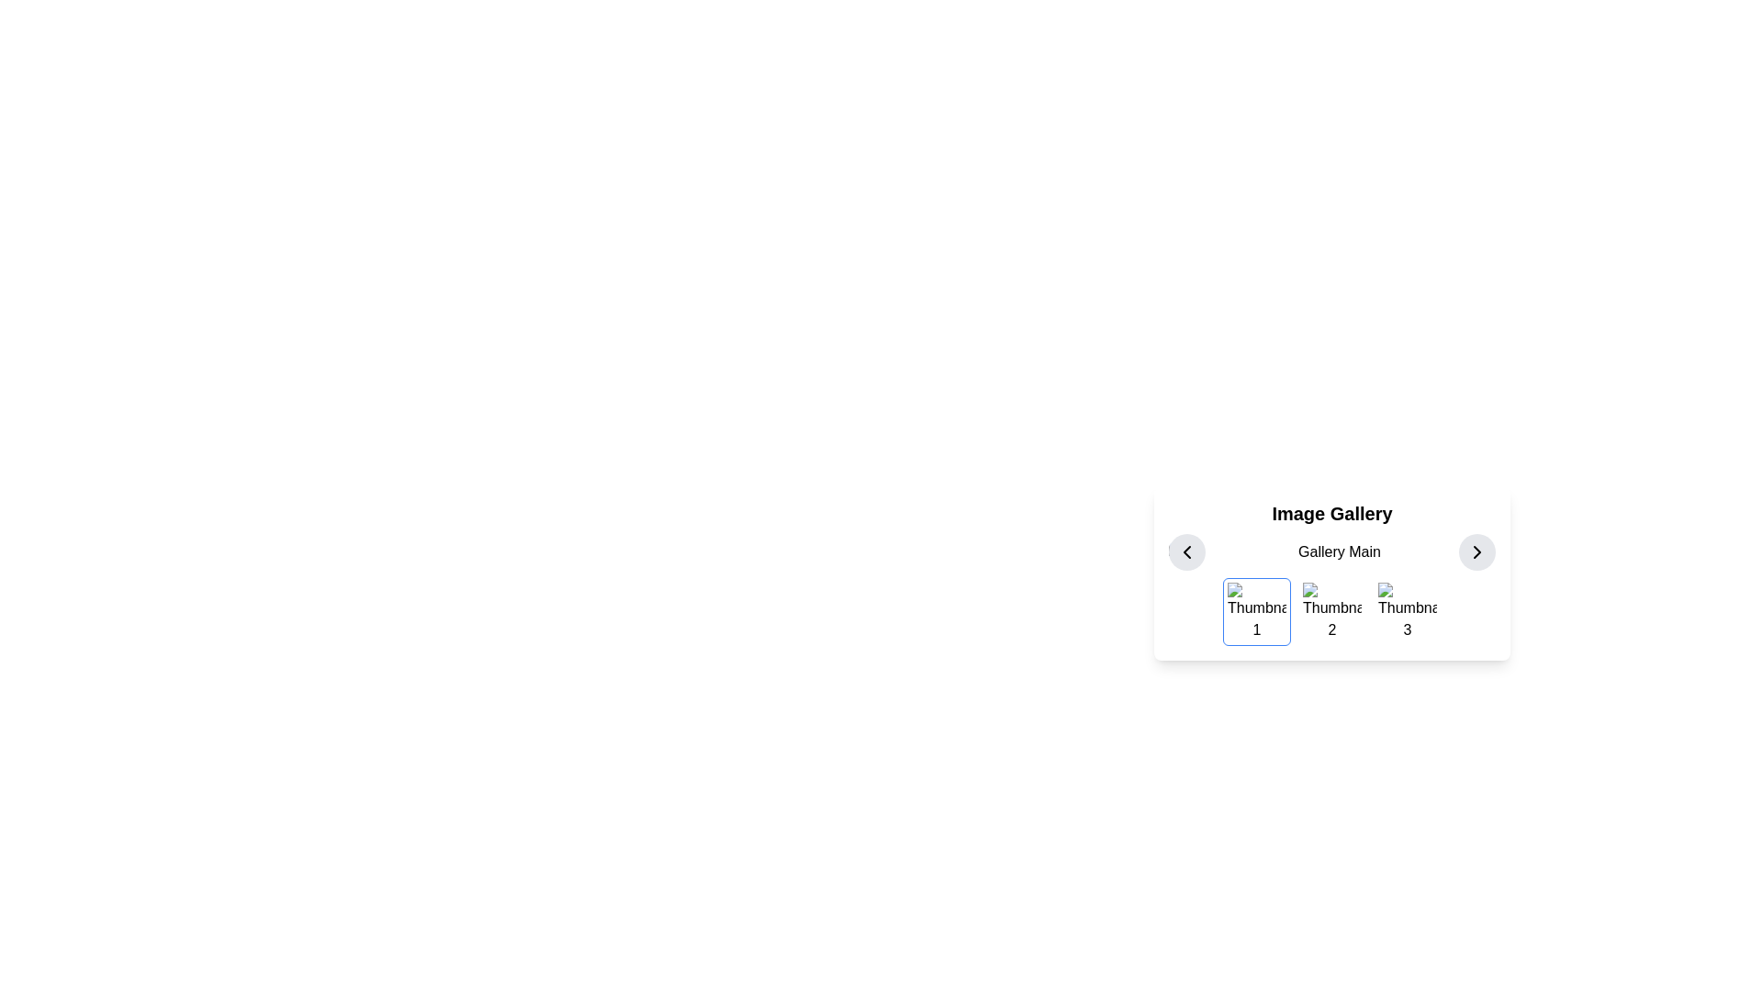 The height and width of the screenshot is (991, 1763). Describe the element at coordinates (1331, 612) in the screenshot. I see `the thumbnail image with alt text 'Thumbnail 2', which is the second thumbnail in a horizontal list within the gallery` at that location.